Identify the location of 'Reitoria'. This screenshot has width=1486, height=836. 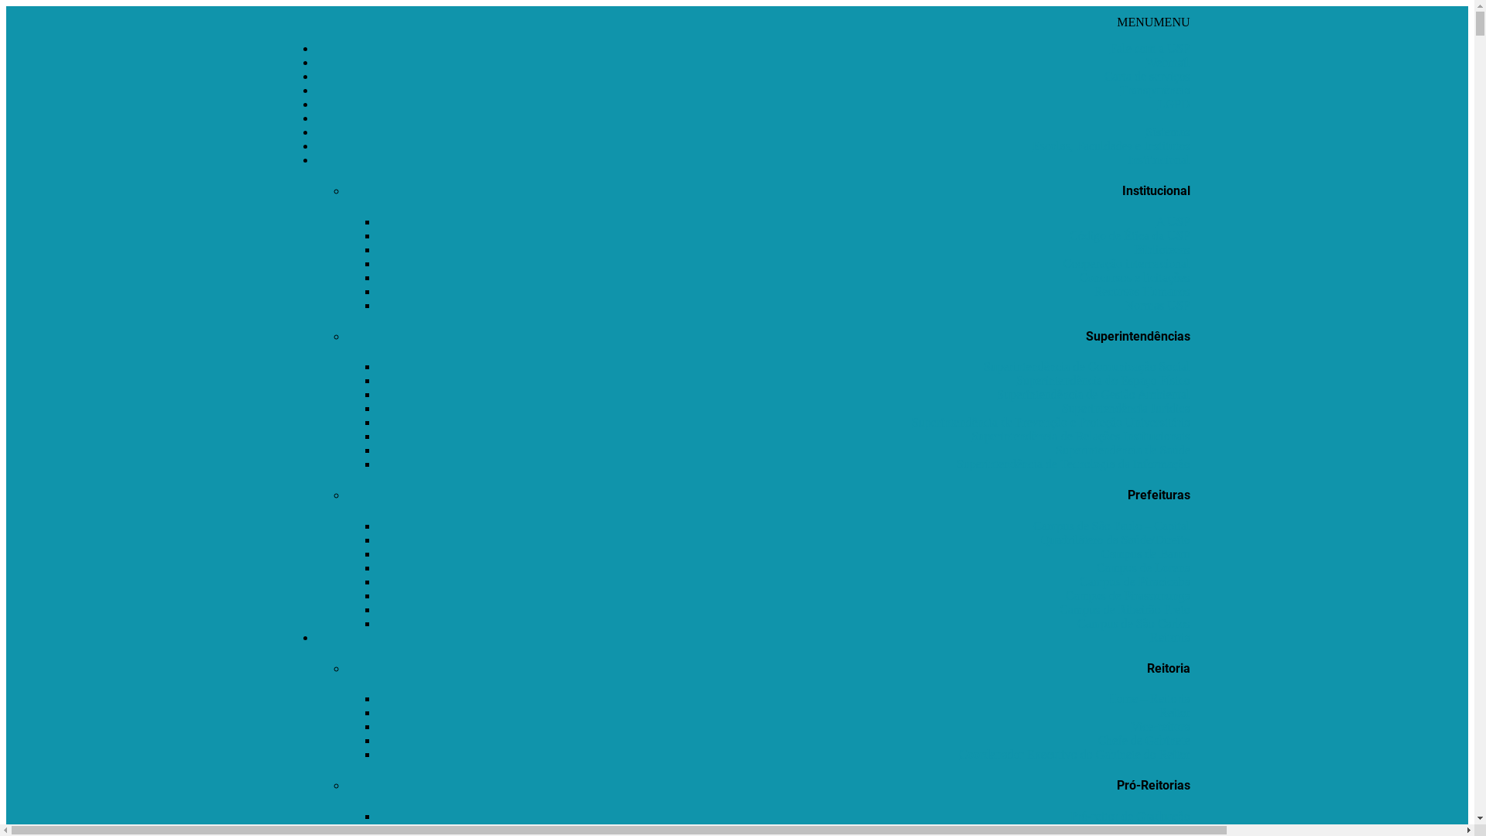
(1170, 637).